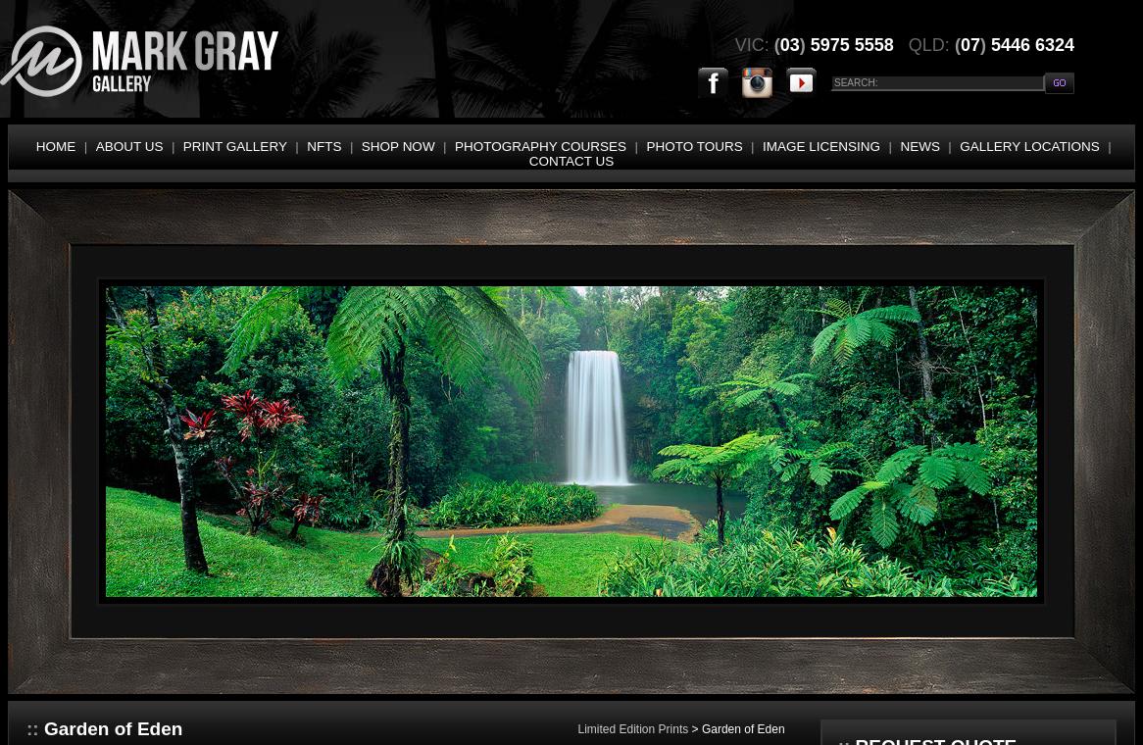 Image resolution: width=1143 pixels, height=745 pixels. I want to click on 'NEW PRINT RELEASE', so click(13, 197).